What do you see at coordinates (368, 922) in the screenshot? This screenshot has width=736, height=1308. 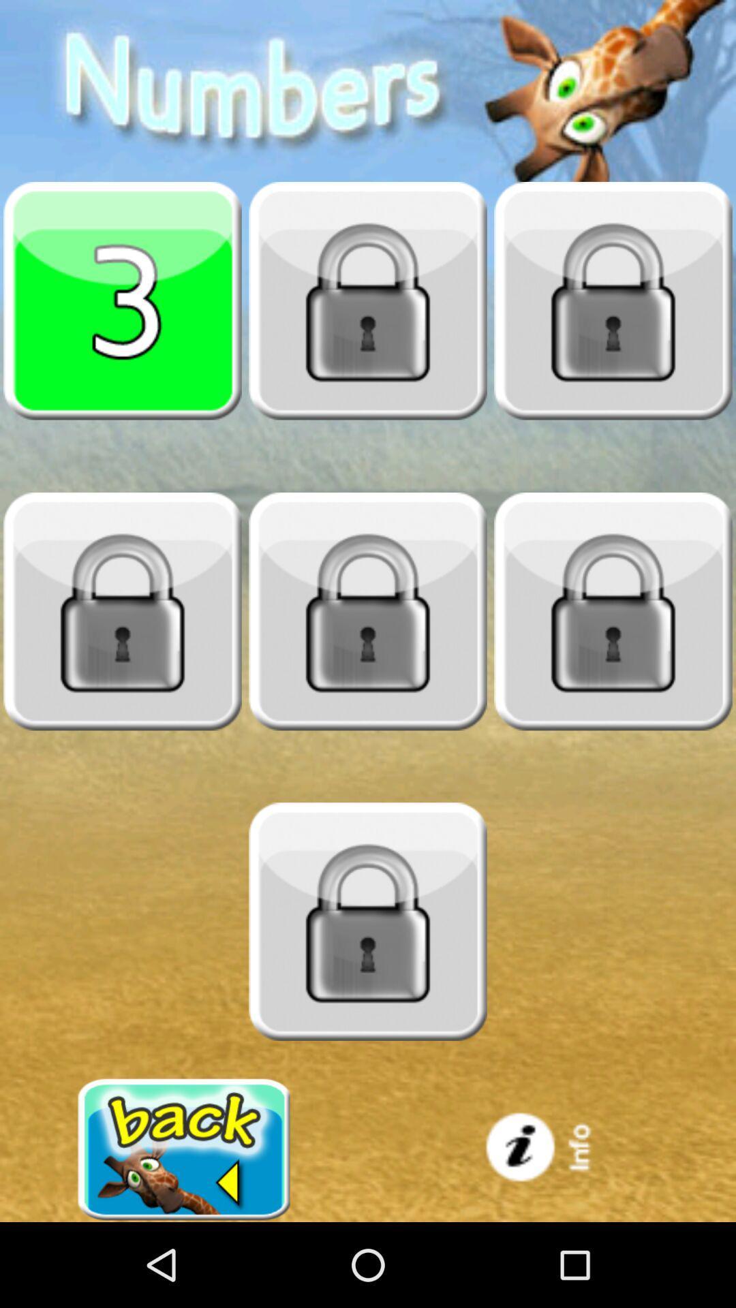 I see `unlock item` at bounding box center [368, 922].